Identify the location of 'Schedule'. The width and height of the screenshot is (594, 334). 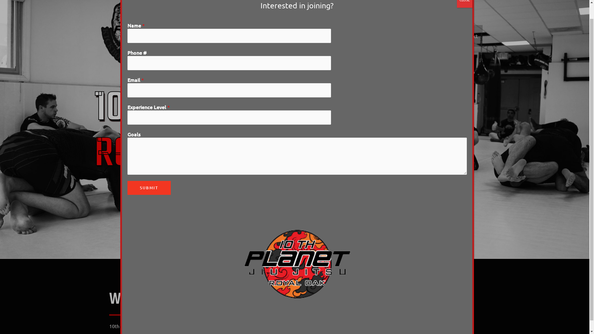
(440, 36).